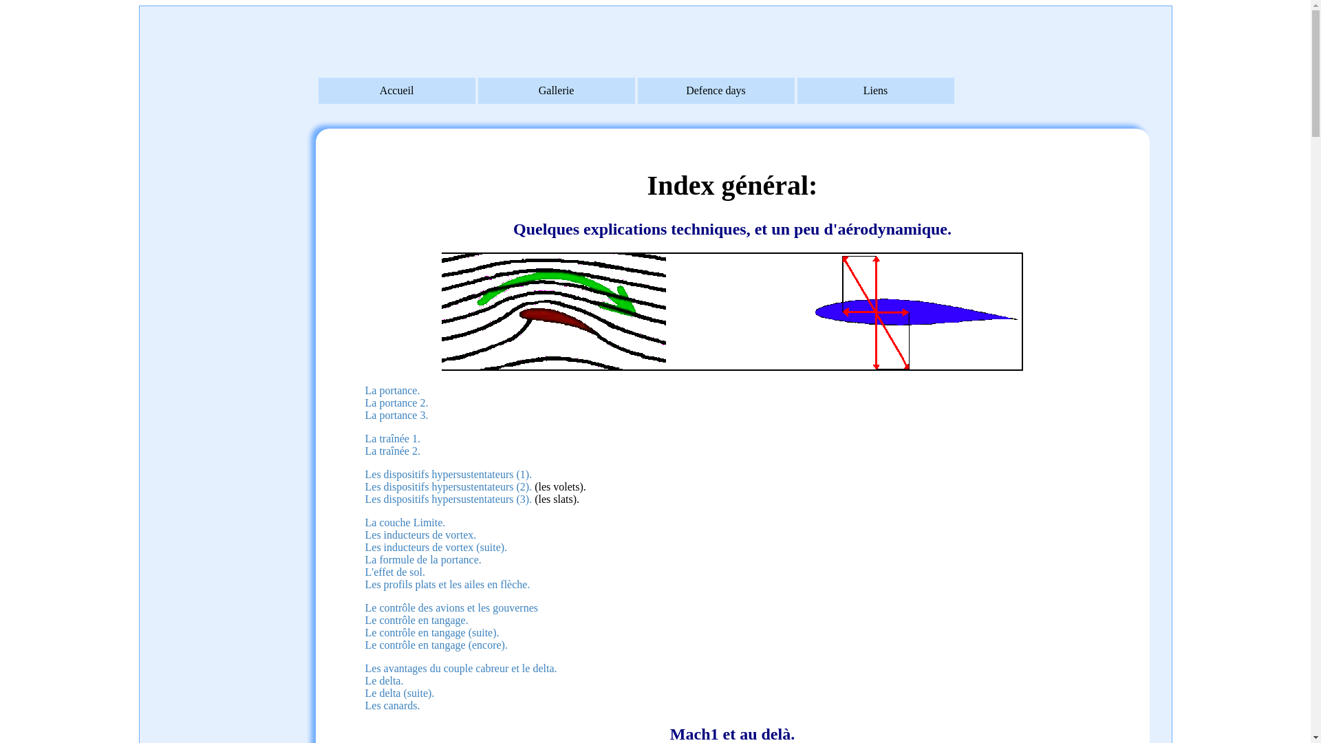  Describe the element at coordinates (394, 571) in the screenshot. I see `'L'effet de sol.'` at that location.